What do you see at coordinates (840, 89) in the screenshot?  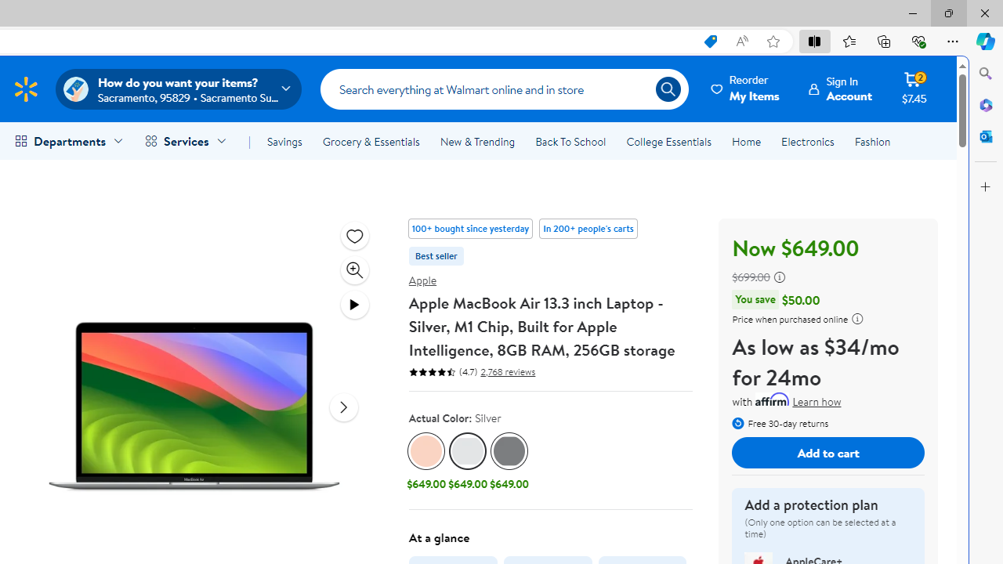 I see `'Sign InAccount'` at bounding box center [840, 89].